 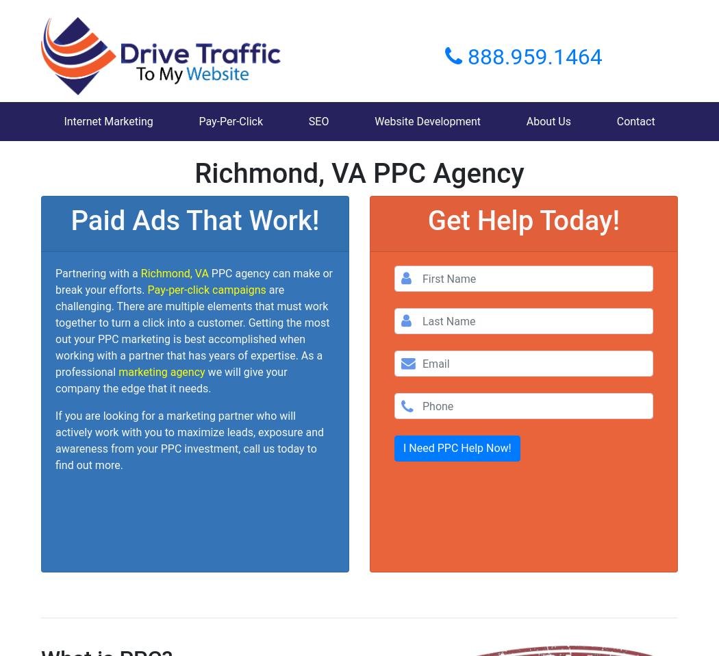 I want to click on 'SEO', so click(x=318, y=121).